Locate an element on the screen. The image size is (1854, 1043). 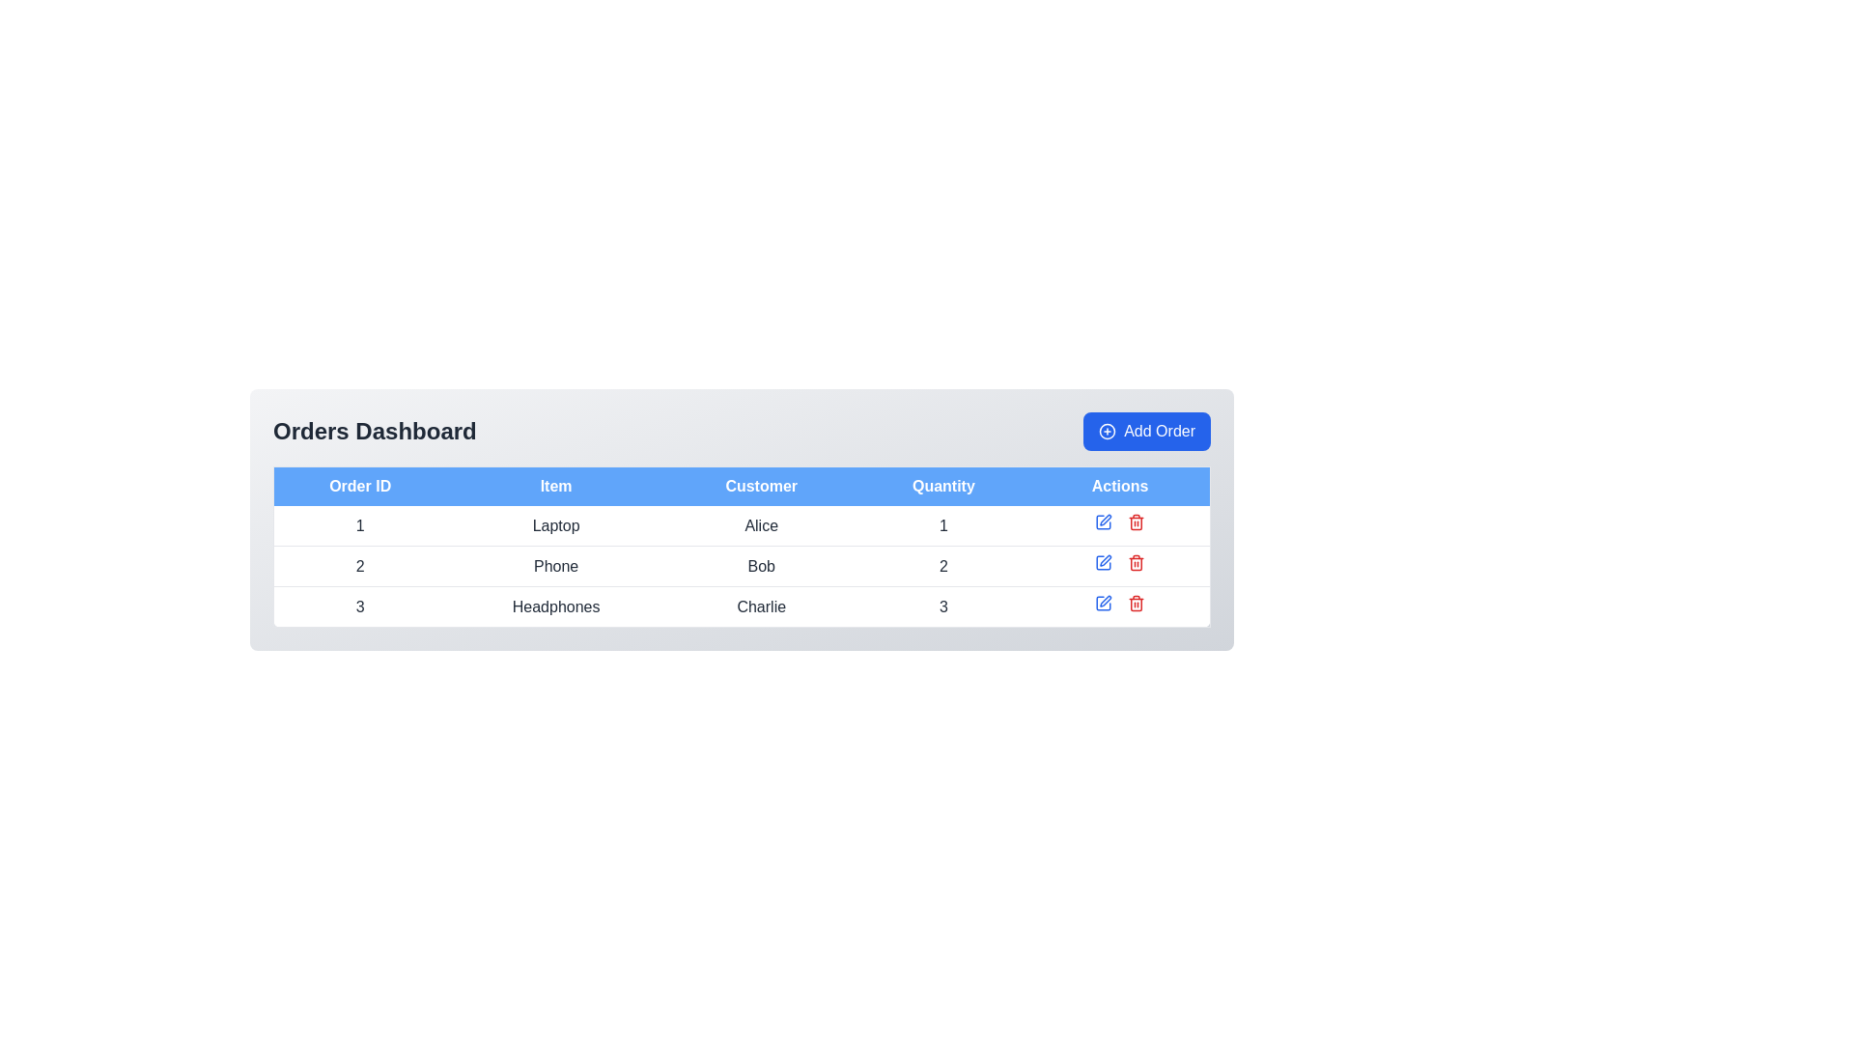
the blue 'Add Order' button with rounded corners and a plus icon located at the top-right corner of the 'Orders Dashboard' is located at coordinates (1147, 431).